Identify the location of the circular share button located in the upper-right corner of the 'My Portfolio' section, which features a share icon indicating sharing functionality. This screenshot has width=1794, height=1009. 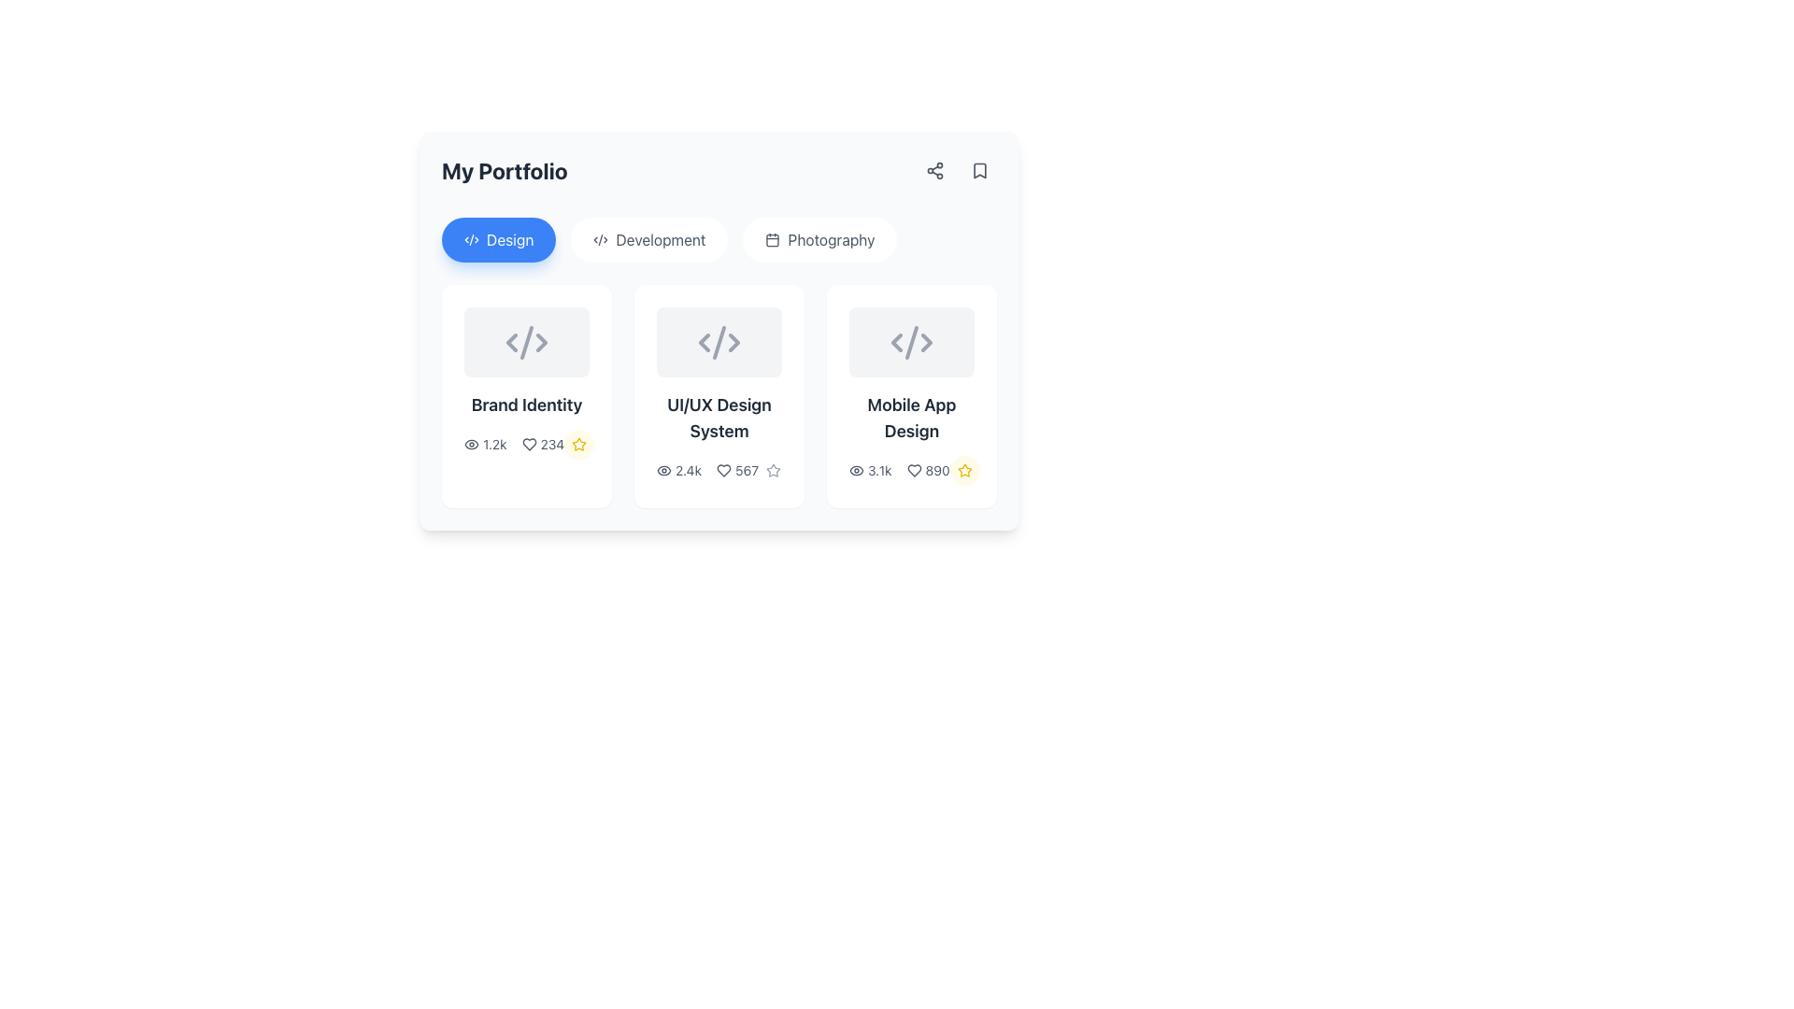
(935, 170).